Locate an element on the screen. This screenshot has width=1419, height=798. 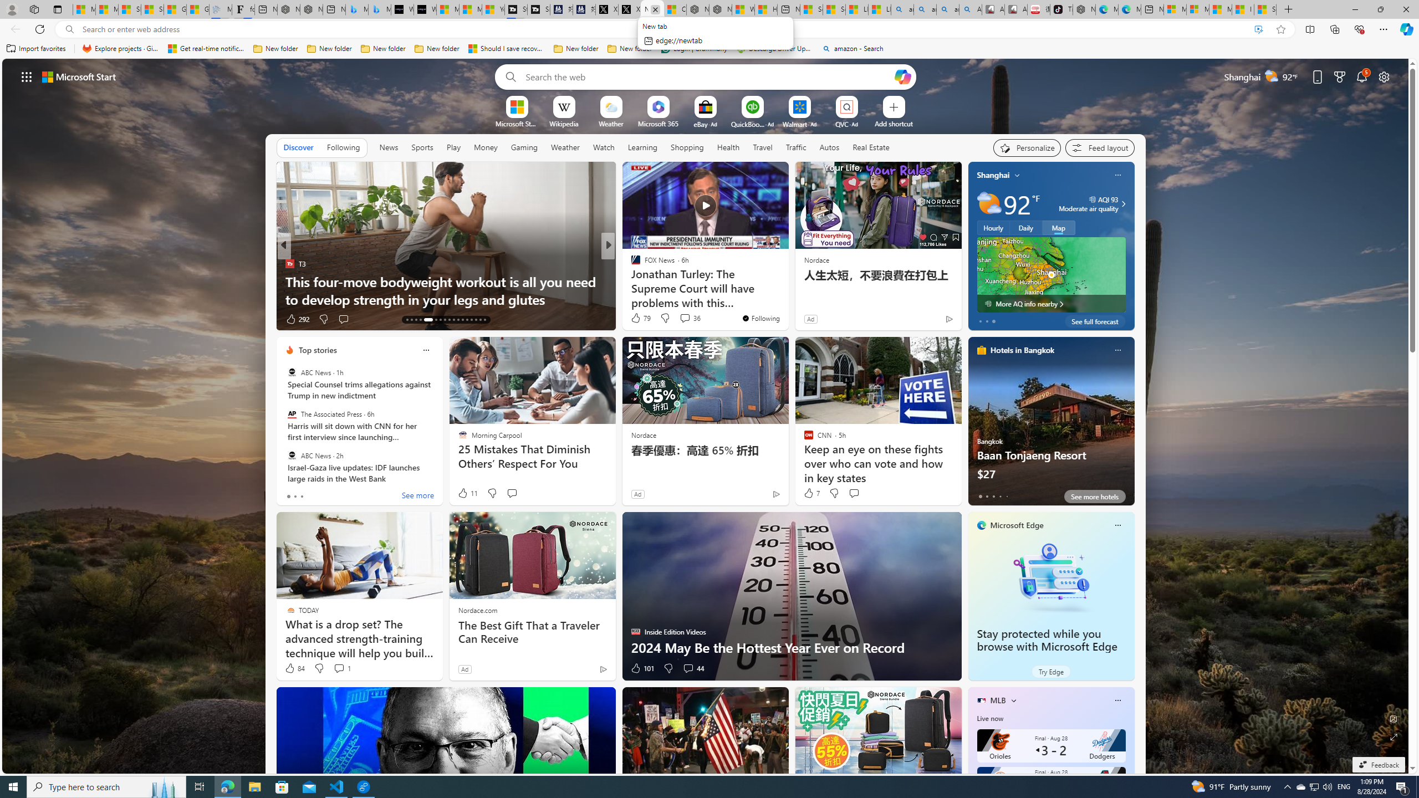
'AutomationID: tab-15' is located at coordinates (416, 320).